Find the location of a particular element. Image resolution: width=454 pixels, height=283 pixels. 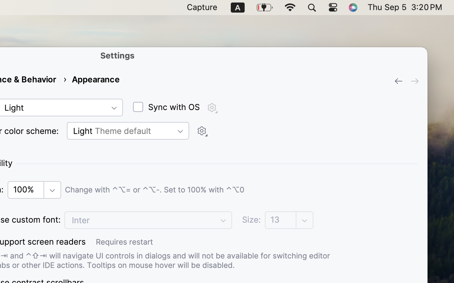

'Light Theme default' is located at coordinates (127, 130).